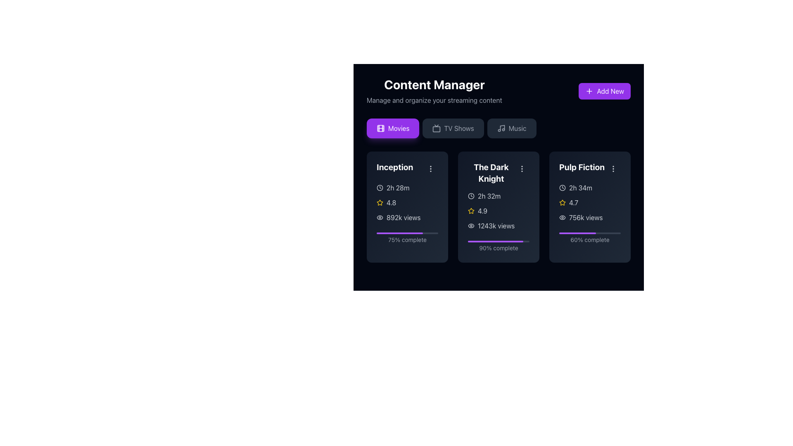 The width and height of the screenshot is (793, 446). What do you see at coordinates (521, 168) in the screenshot?
I see `the Icon button located in the top-right corner of the 'The Dark Knight' interface section, which opens a drop-down menu for options related to the movie` at bounding box center [521, 168].